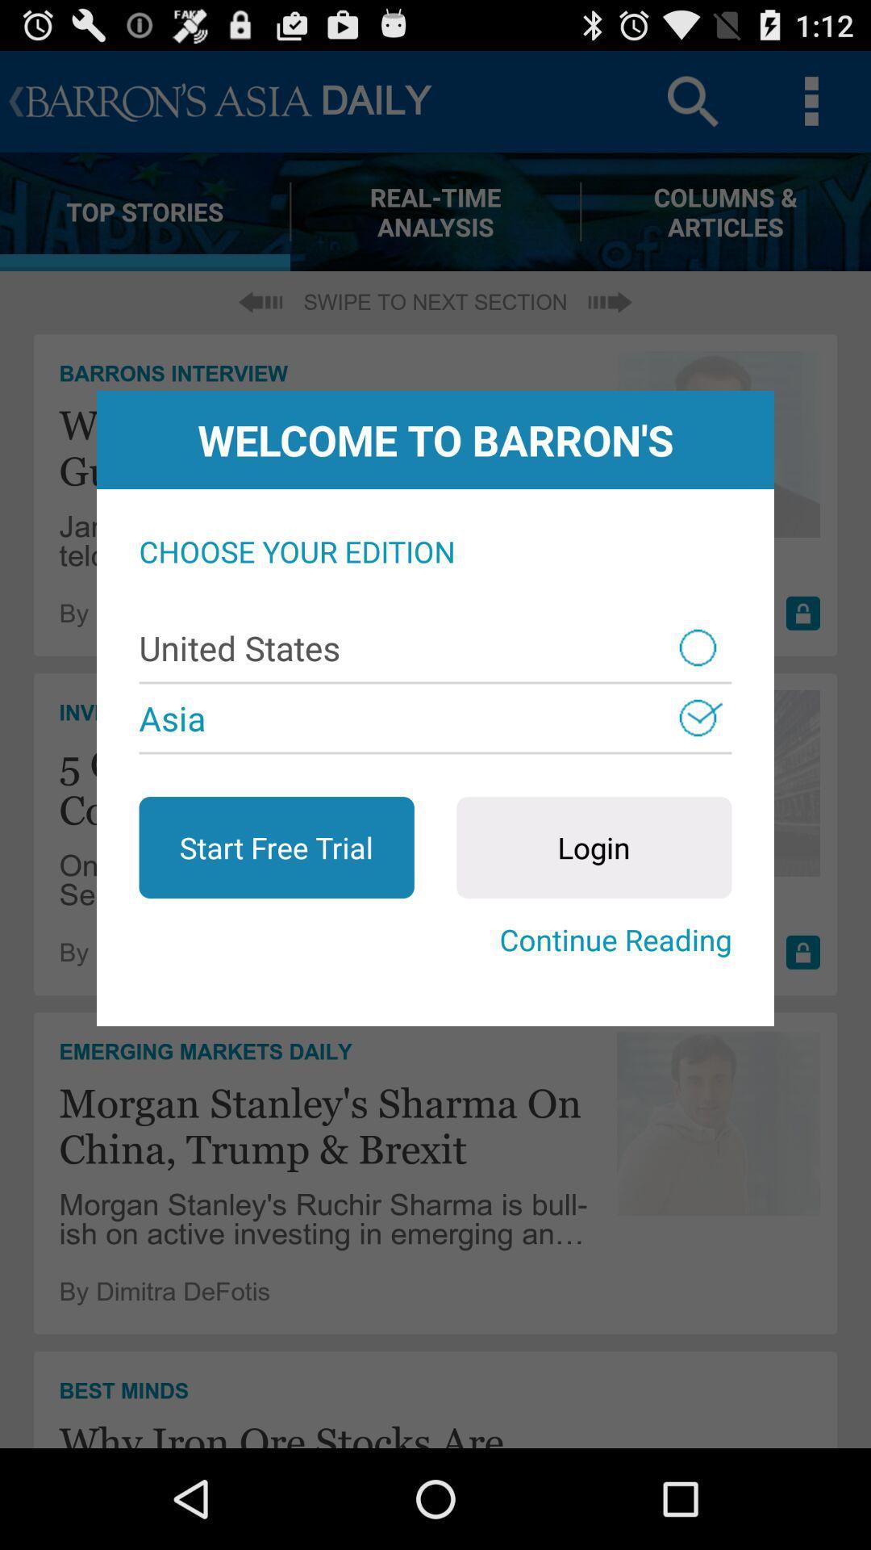  I want to click on the app above the continue reading icon, so click(594, 847).